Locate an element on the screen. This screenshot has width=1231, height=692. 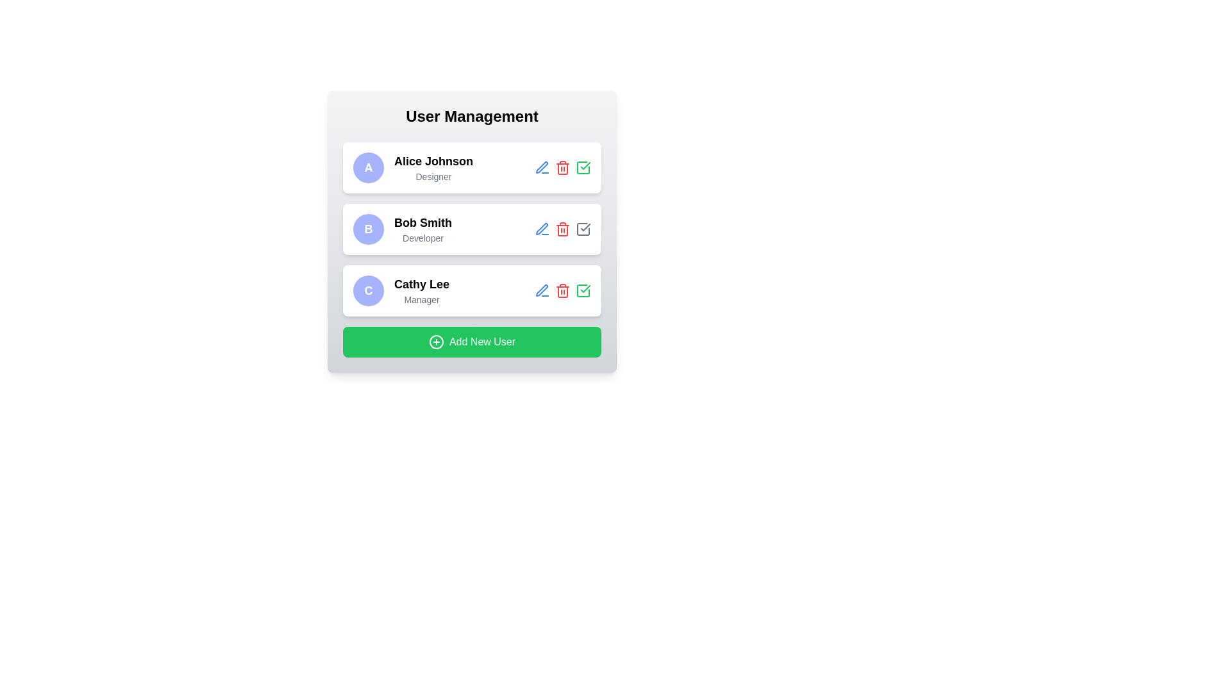
the trash bin icon outlined with a red hue, which is the second icon from the left in the User Management list under the 'Alice Johnson Designer' entry is located at coordinates (563, 167).